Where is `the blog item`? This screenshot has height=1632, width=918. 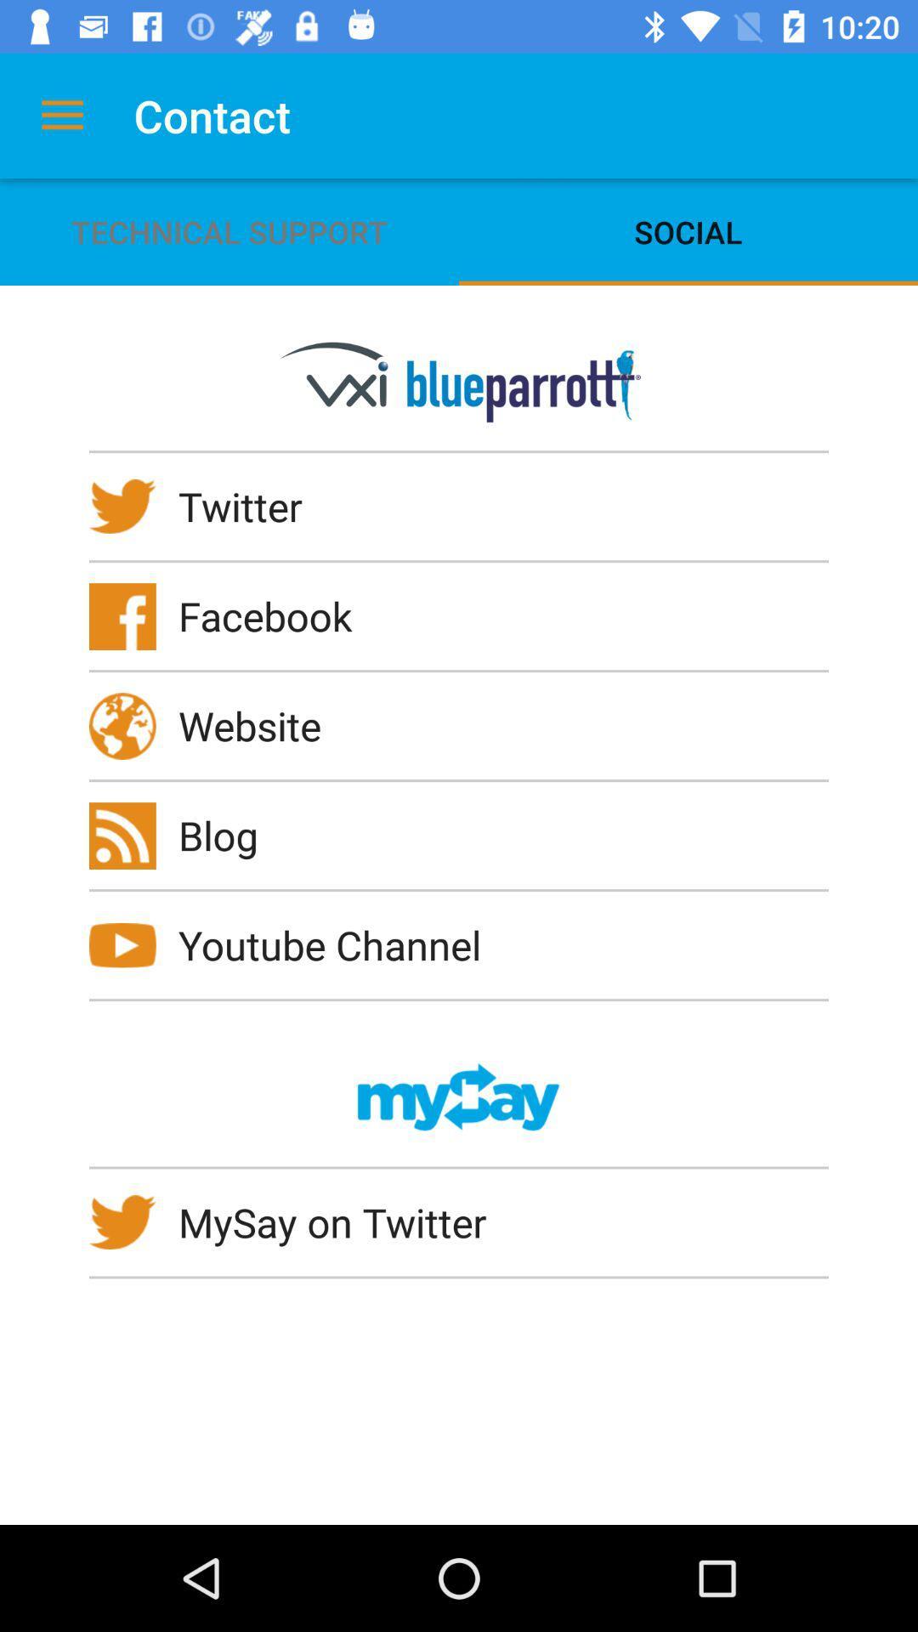 the blog item is located at coordinates (229, 835).